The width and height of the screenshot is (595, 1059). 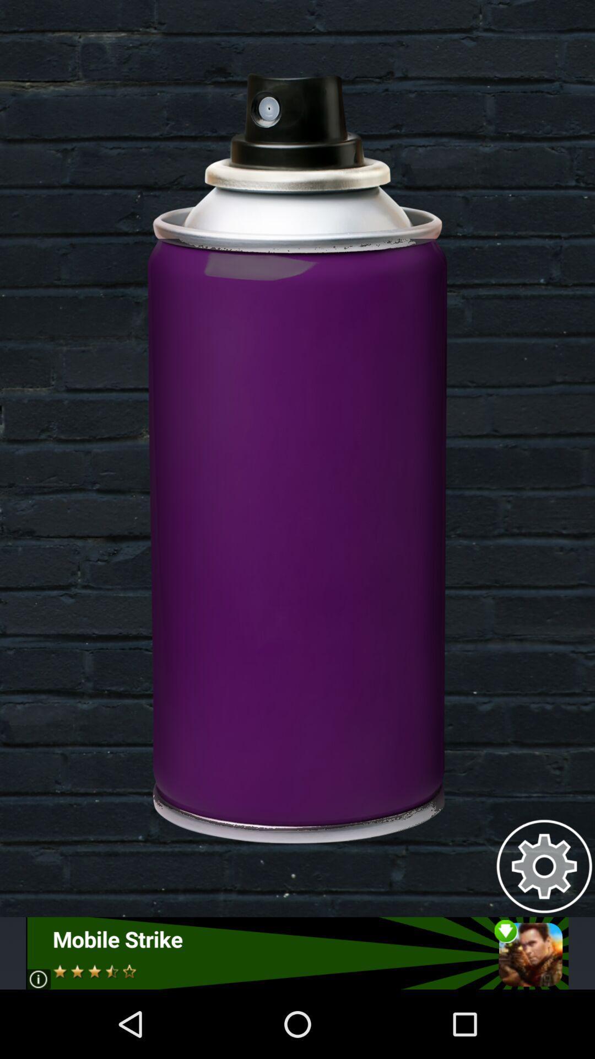 I want to click on the settings icon, so click(x=544, y=927).